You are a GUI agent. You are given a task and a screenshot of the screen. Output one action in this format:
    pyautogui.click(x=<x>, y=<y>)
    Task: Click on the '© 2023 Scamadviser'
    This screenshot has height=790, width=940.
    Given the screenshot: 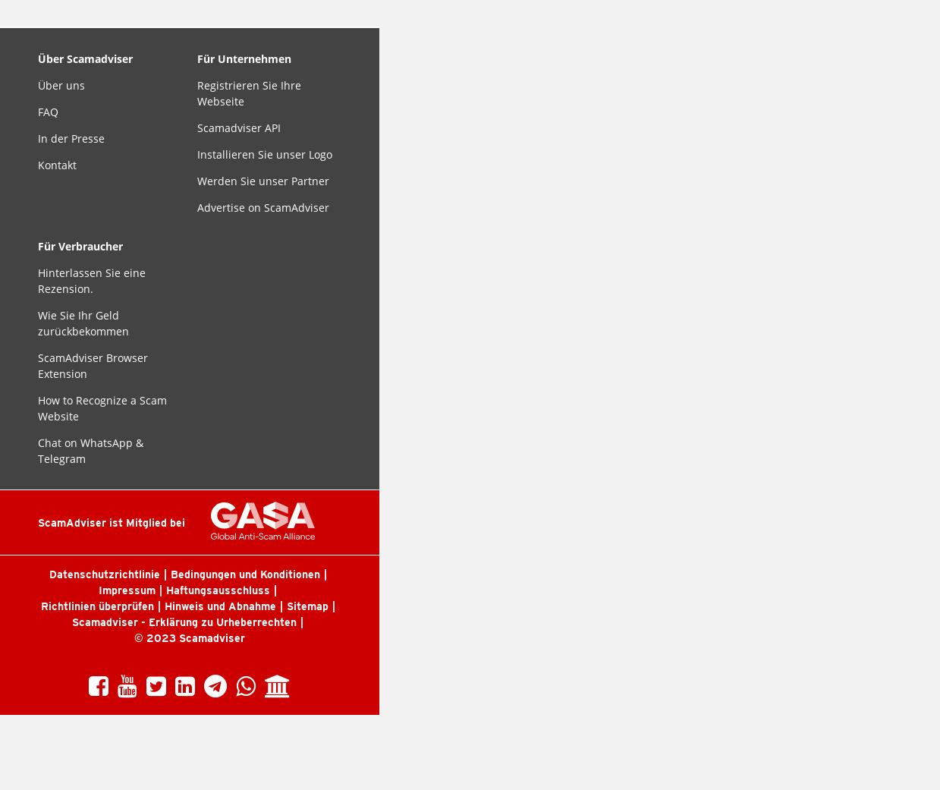 What is the action you would take?
    pyautogui.click(x=189, y=637)
    